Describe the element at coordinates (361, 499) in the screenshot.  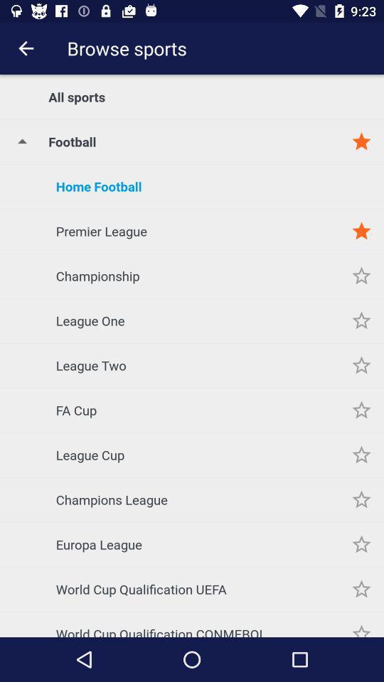
I see `sport to favorites` at that location.